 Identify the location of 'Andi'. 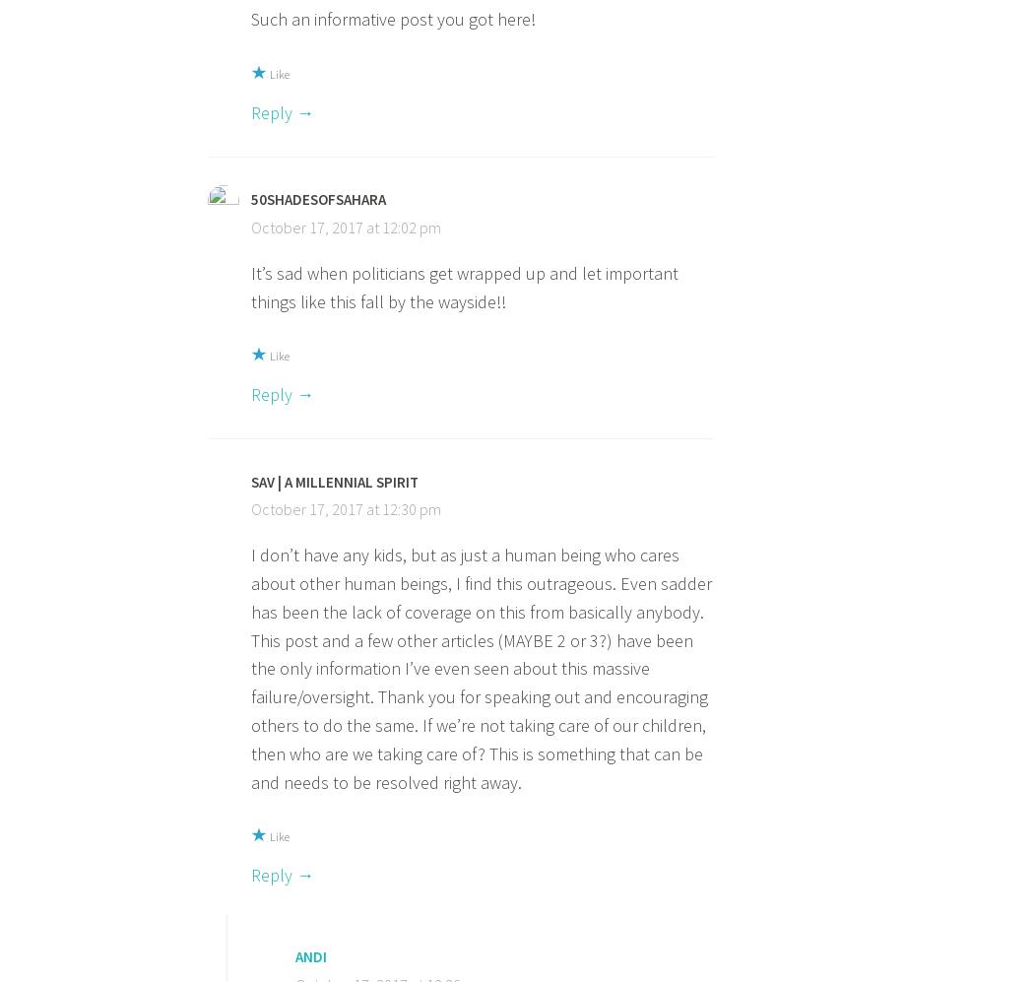
(311, 954).